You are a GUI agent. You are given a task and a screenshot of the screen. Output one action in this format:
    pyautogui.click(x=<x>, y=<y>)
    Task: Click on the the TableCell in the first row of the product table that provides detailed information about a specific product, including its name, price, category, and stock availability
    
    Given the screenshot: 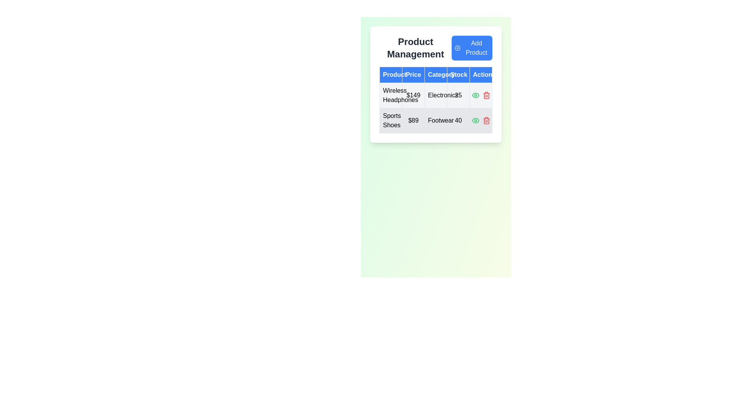 What is the action you would take?
    pyautogui.click(x=436, y=108)
    